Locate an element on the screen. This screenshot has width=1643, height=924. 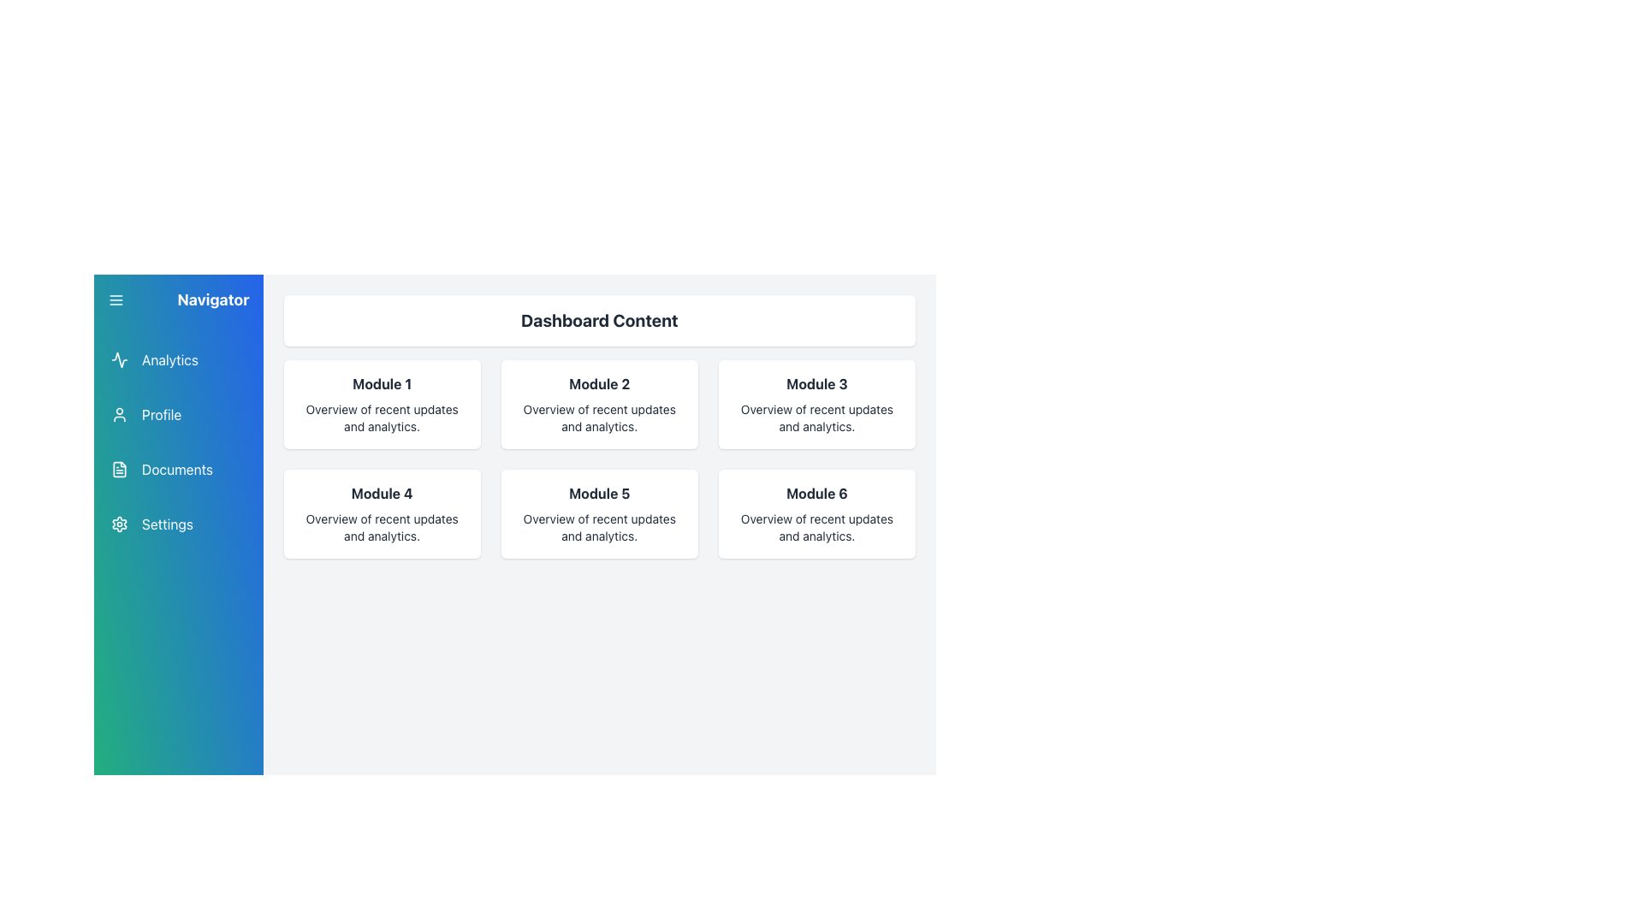
the menu trigger button located at the topmost left corner of the blue-to-green gradient sidebar is located at coordinates (115, 299).